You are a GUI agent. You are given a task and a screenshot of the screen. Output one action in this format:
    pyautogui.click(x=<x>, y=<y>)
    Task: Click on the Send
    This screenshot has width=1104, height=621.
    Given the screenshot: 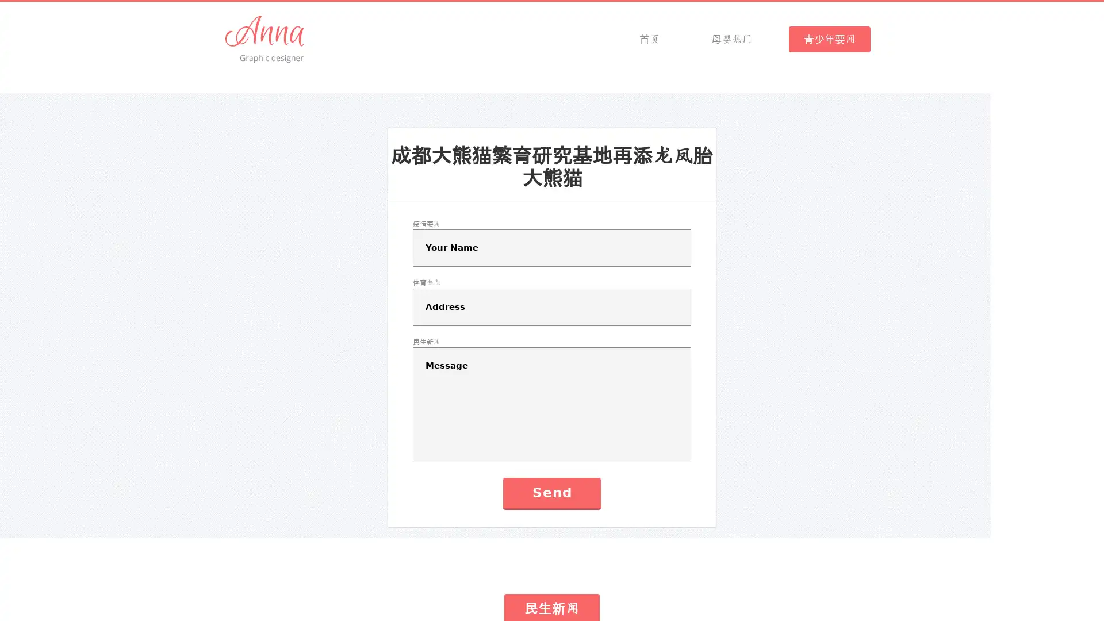 What is the action you would take?
    pyautogui.click(x=551, y=492)
    